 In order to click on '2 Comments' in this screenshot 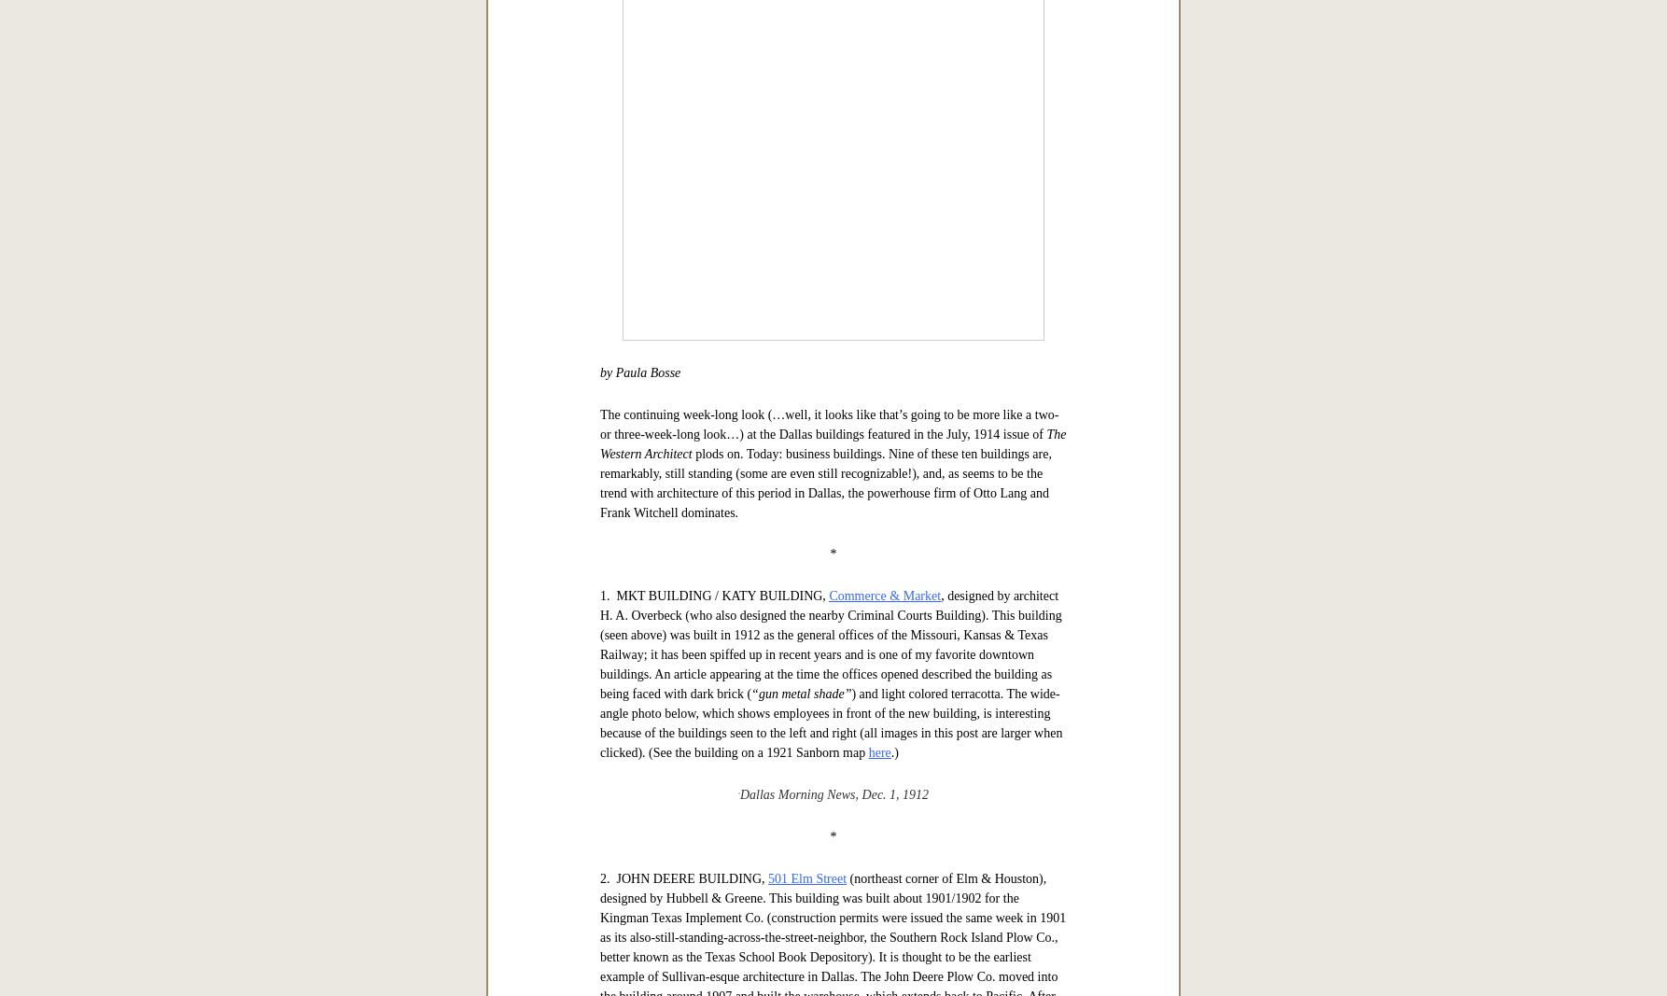, I will do `click(801, 343)`.